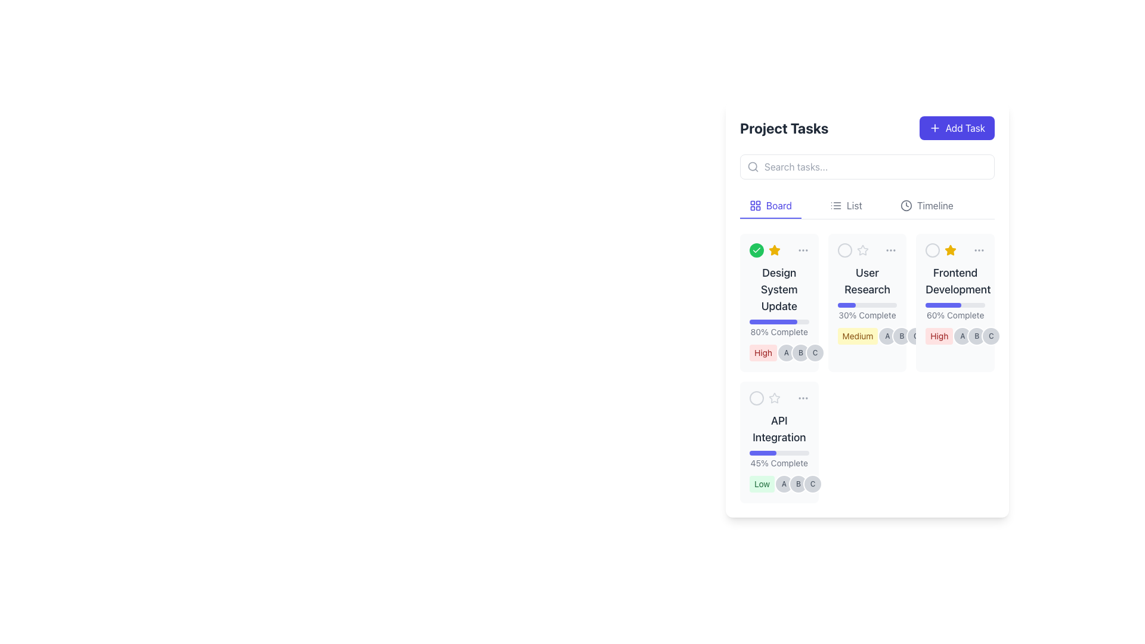  Describe the element at coordinates (943, 305) in the screenshot. I see `filled portion of the Progress bar segment in the 'Frontend Development' task card to check styles or values` at that location.